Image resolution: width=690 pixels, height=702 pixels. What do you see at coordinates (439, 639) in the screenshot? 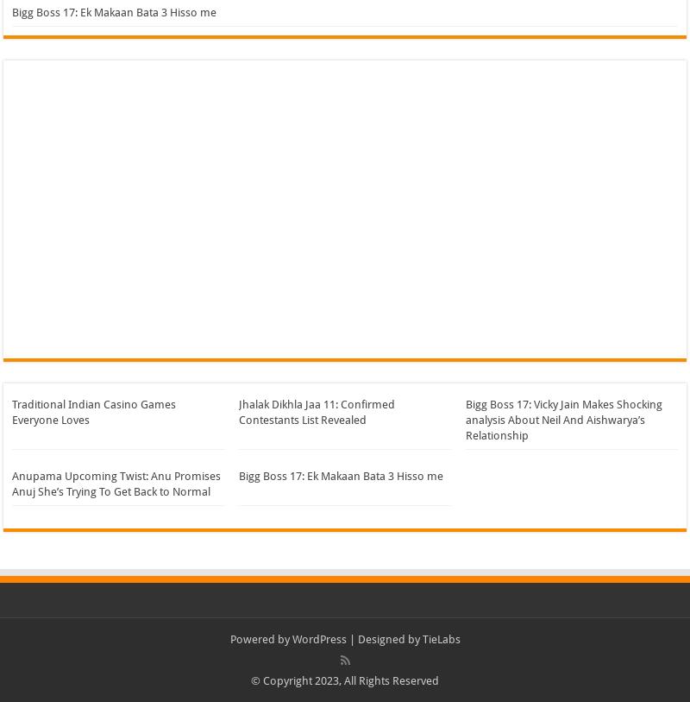
I see `'TieLabs'` at bounding box center [439, 639].